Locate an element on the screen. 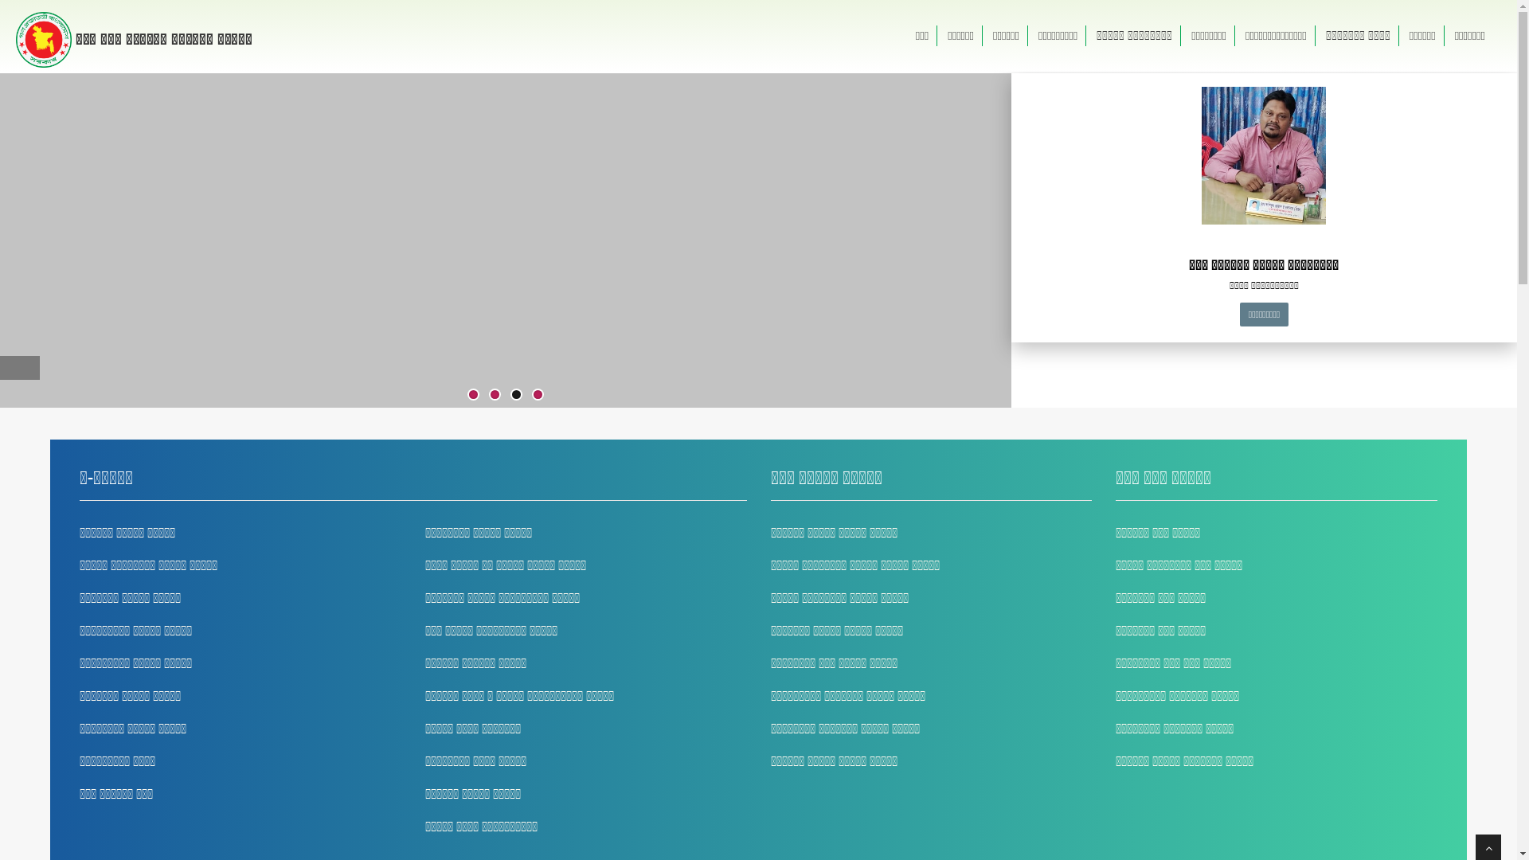 The image size is (1529, 860). '4' is located at coordinates (534, 394).